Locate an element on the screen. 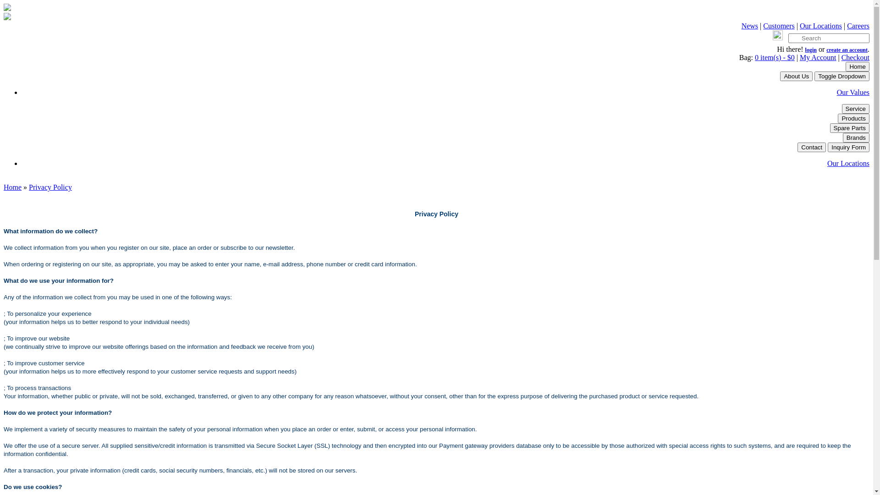 The image size is (880, 495). 'Brands' is located at coordinates (855, 137).